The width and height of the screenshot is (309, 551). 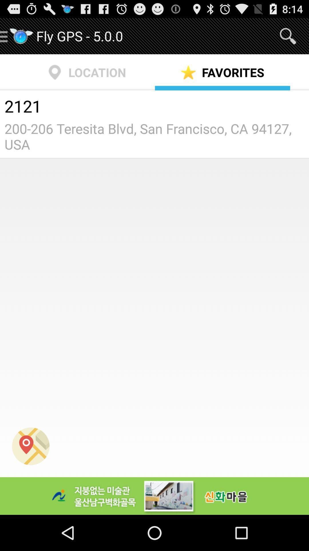 I want to click on the icon below 2121 icon, so click(x=154, y=136).